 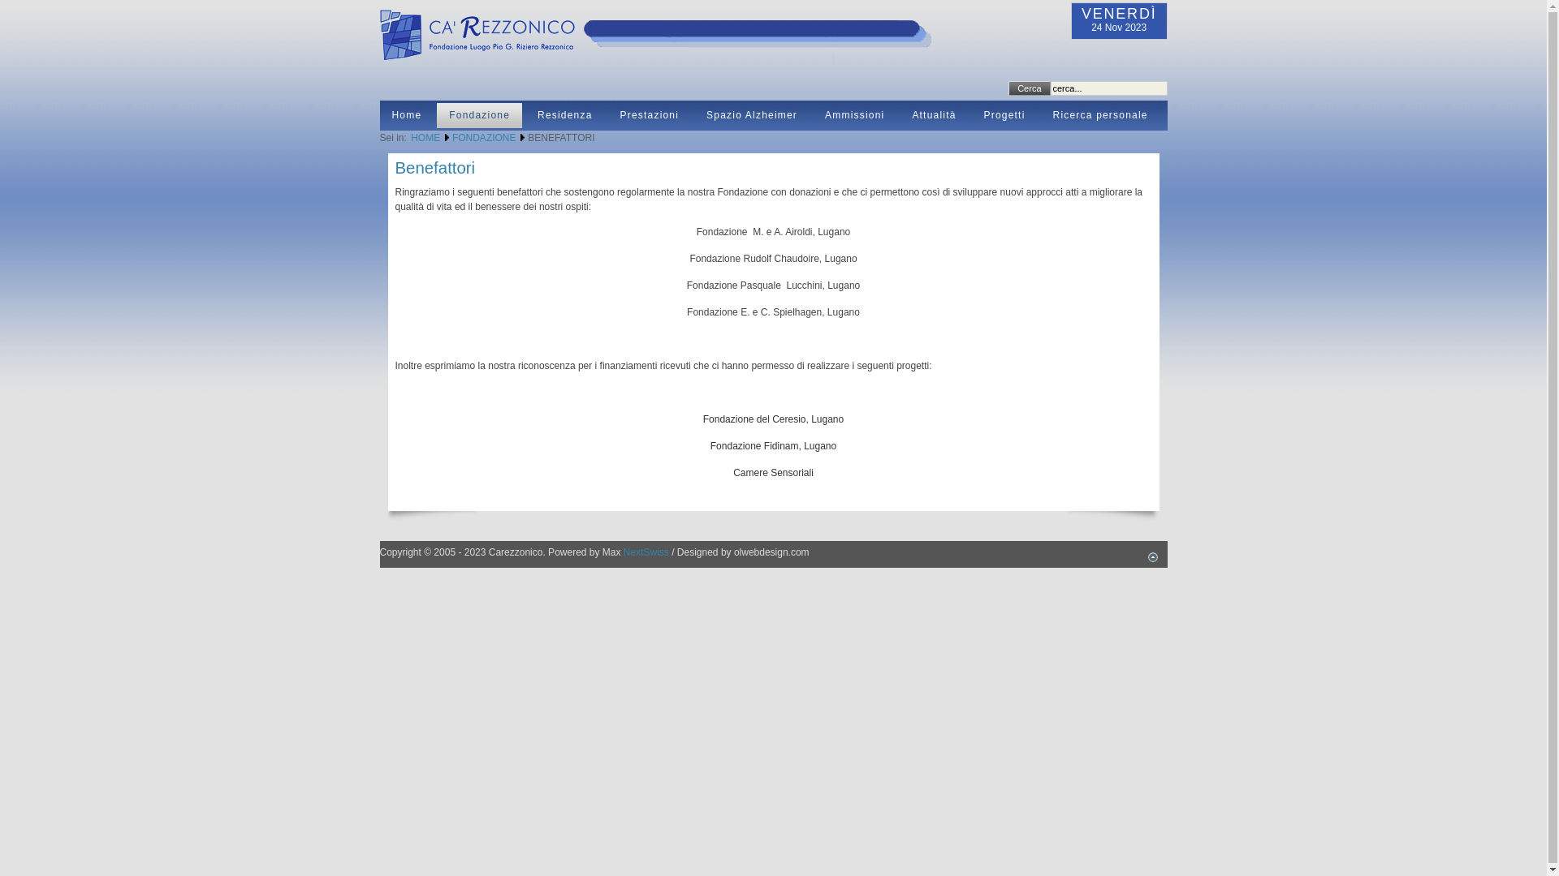 I want to click on 'Ricerca personale', so click(x=1100, y=114).